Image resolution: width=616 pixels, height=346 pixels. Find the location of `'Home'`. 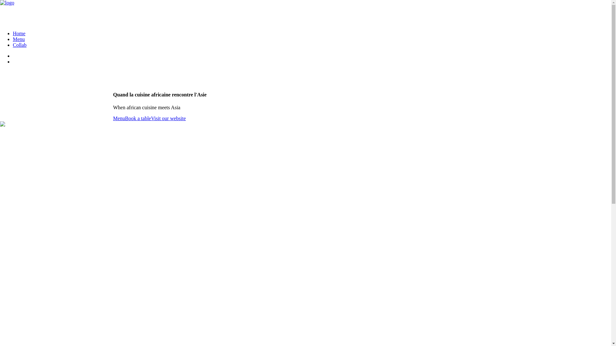

'Home' is located at coordinates (19, 33).